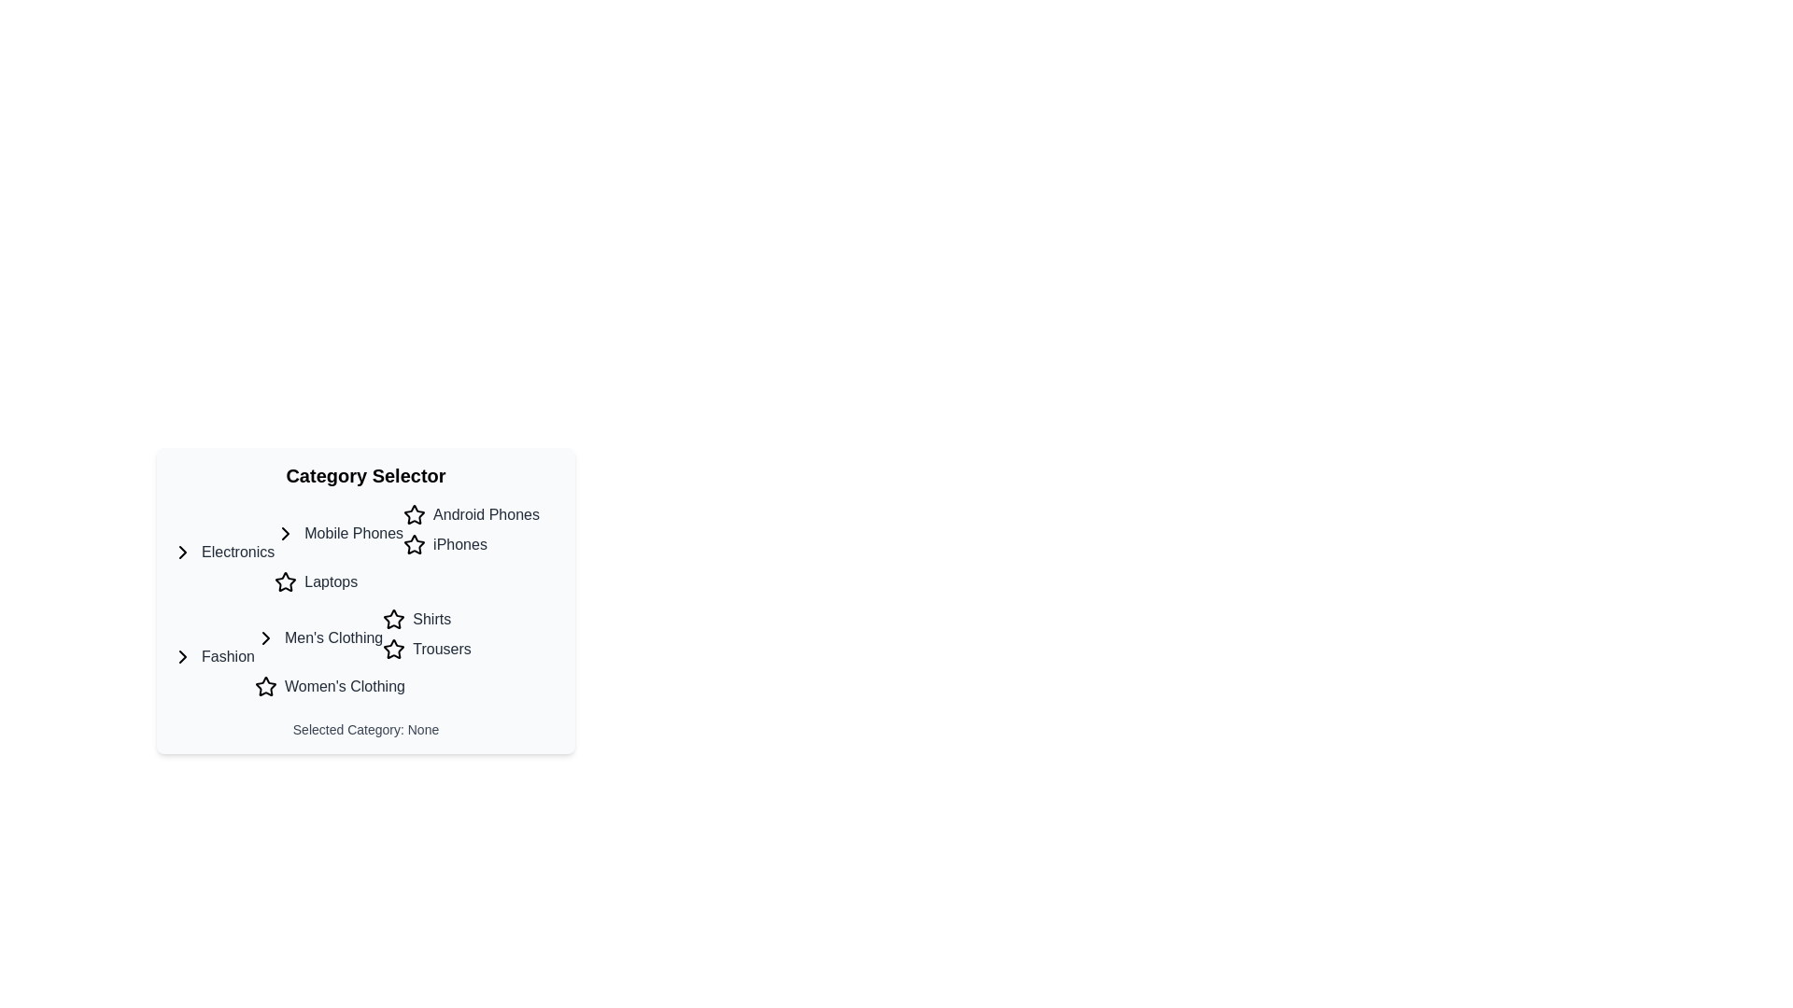  Describe the element at coordinates (426, 637) in the screenshot. I see `the List item with interactive sub-items labeled 'Shirts' and 'Trousers'` at that location.